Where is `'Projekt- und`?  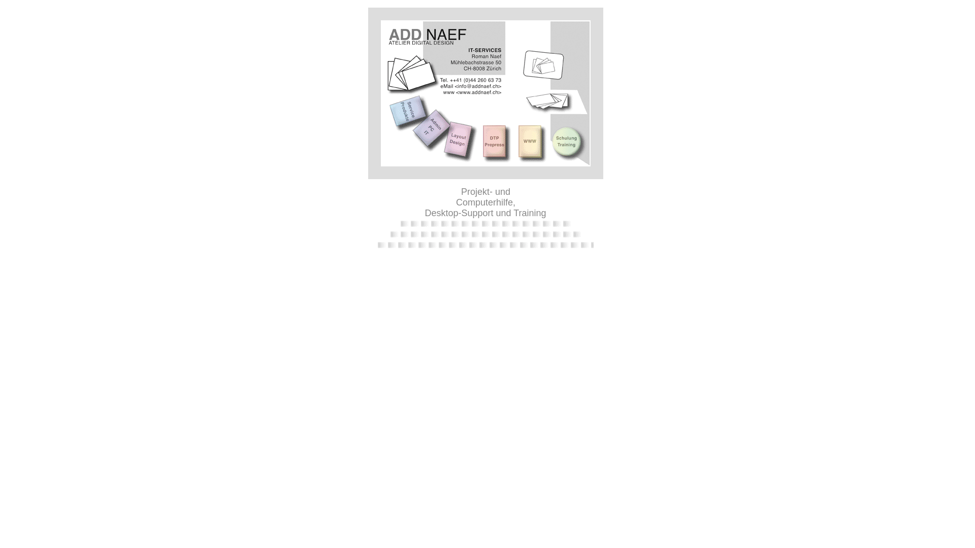 'Projekt- und is located at coordinates (484, 202).